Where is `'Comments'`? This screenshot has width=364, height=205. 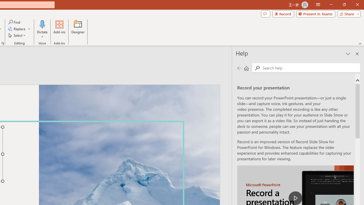 'Comments' is located at coordinates (265, 13).